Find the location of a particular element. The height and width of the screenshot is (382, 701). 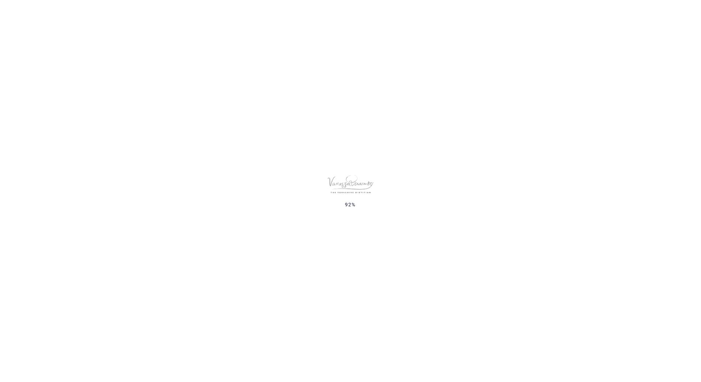

'Recent Comments' is located at coordinates (507, 270).